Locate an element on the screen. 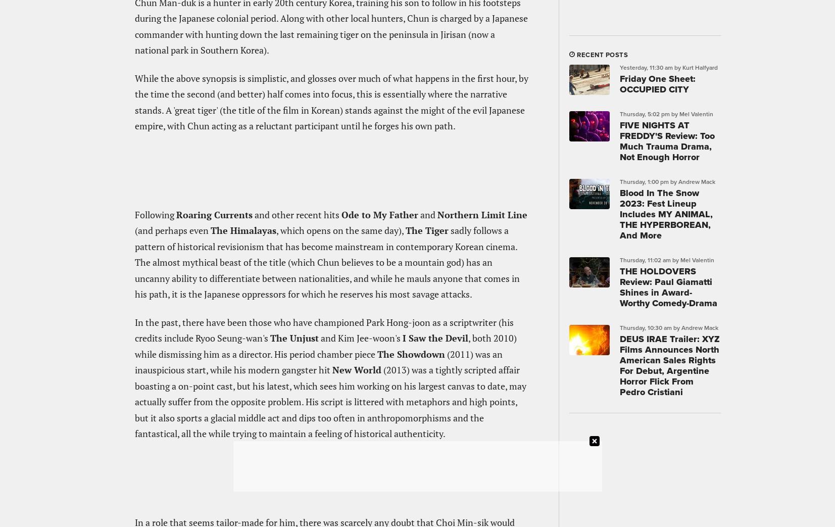 This screenshot has width=835, height=527. ', both 2010) while dismissing him as a director. His period chamber piece' is located at coordinates (325, 346).